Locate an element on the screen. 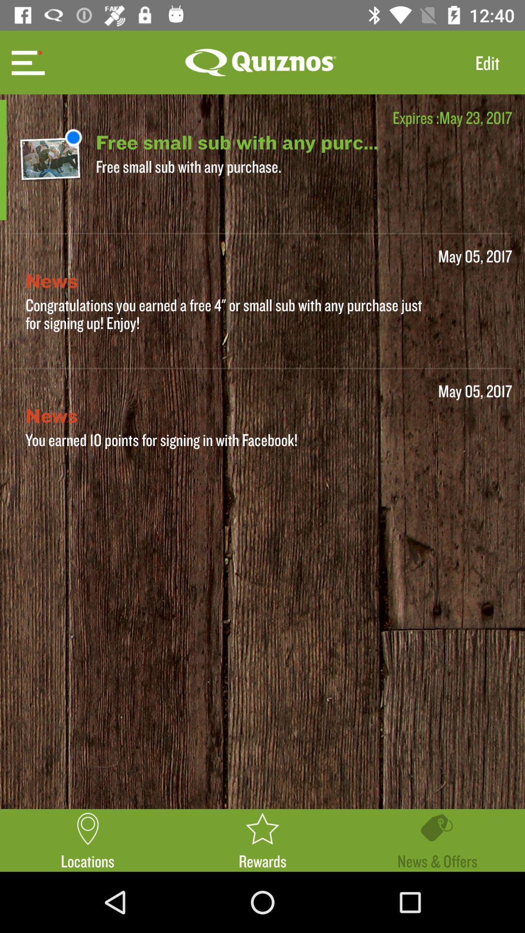 The width and height of the screenshot is (525, 933). the filter_list icon is located at coordinates (26, 62).